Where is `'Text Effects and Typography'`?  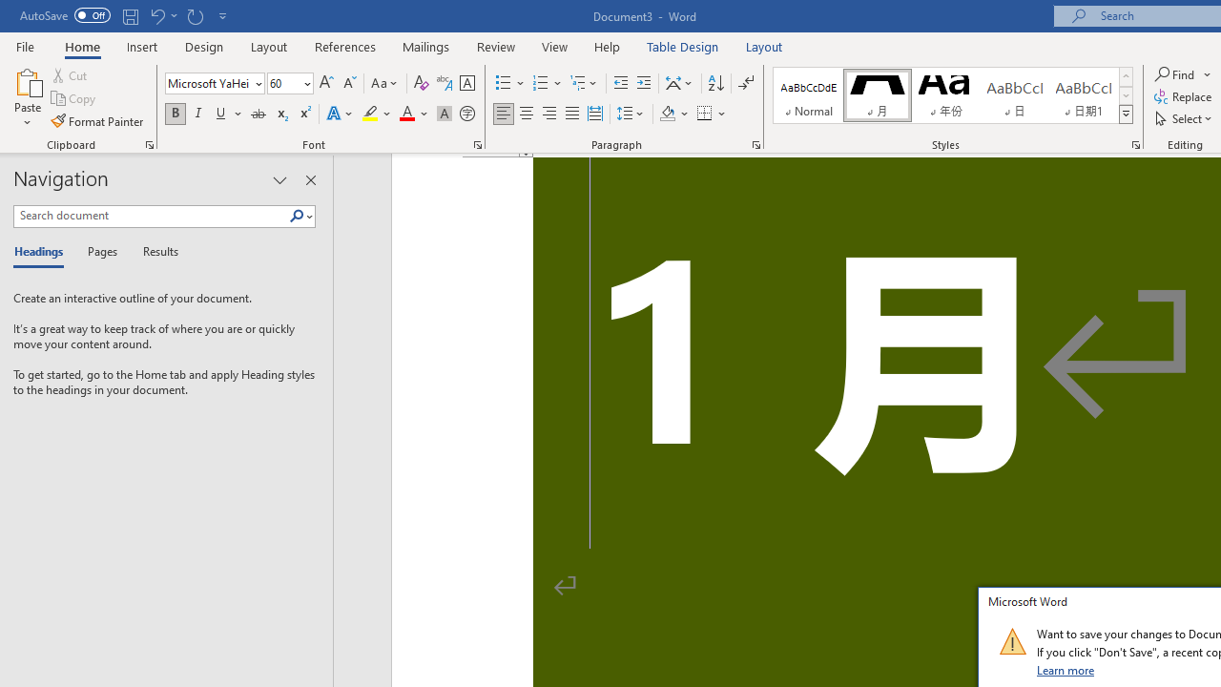
'Text Effects and Typography' is located at coordinates (341, 114).